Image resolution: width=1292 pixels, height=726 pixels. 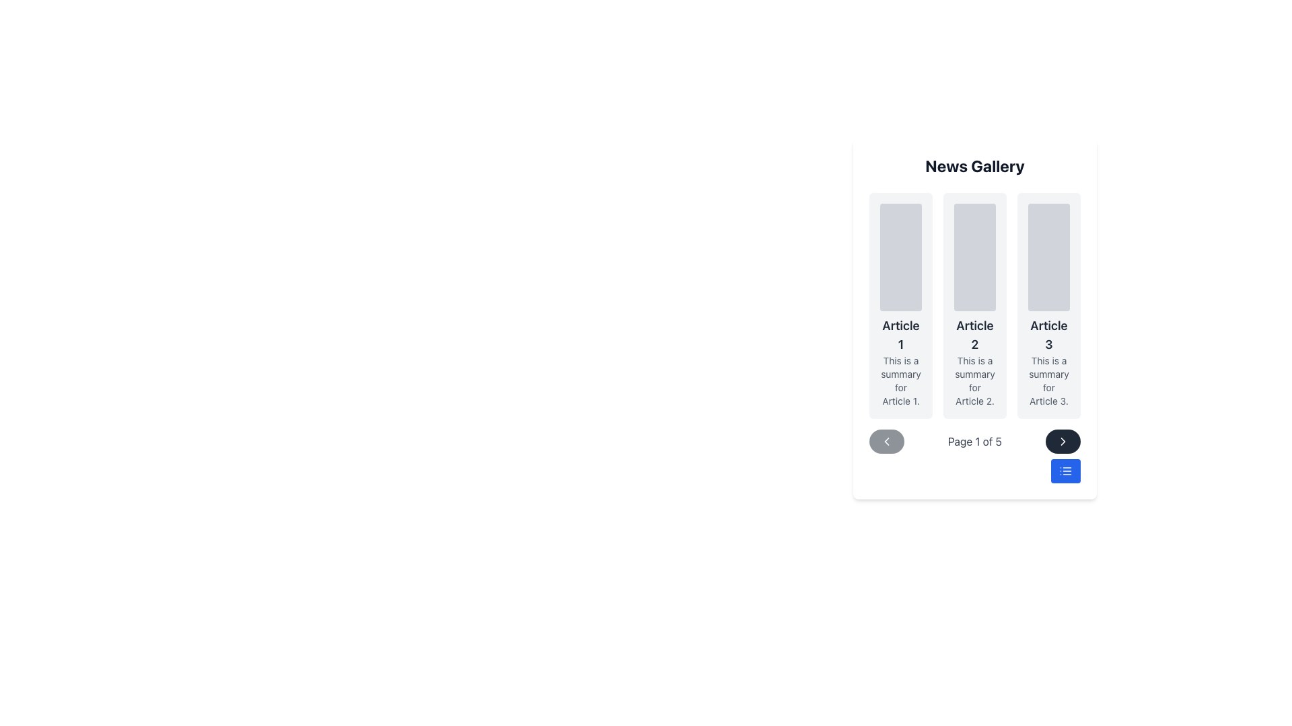 What do you see at coordinates (1065, 471) in the screenshot?
I see `the button that switches the article view to list format` at bounding box center [1065, 471].